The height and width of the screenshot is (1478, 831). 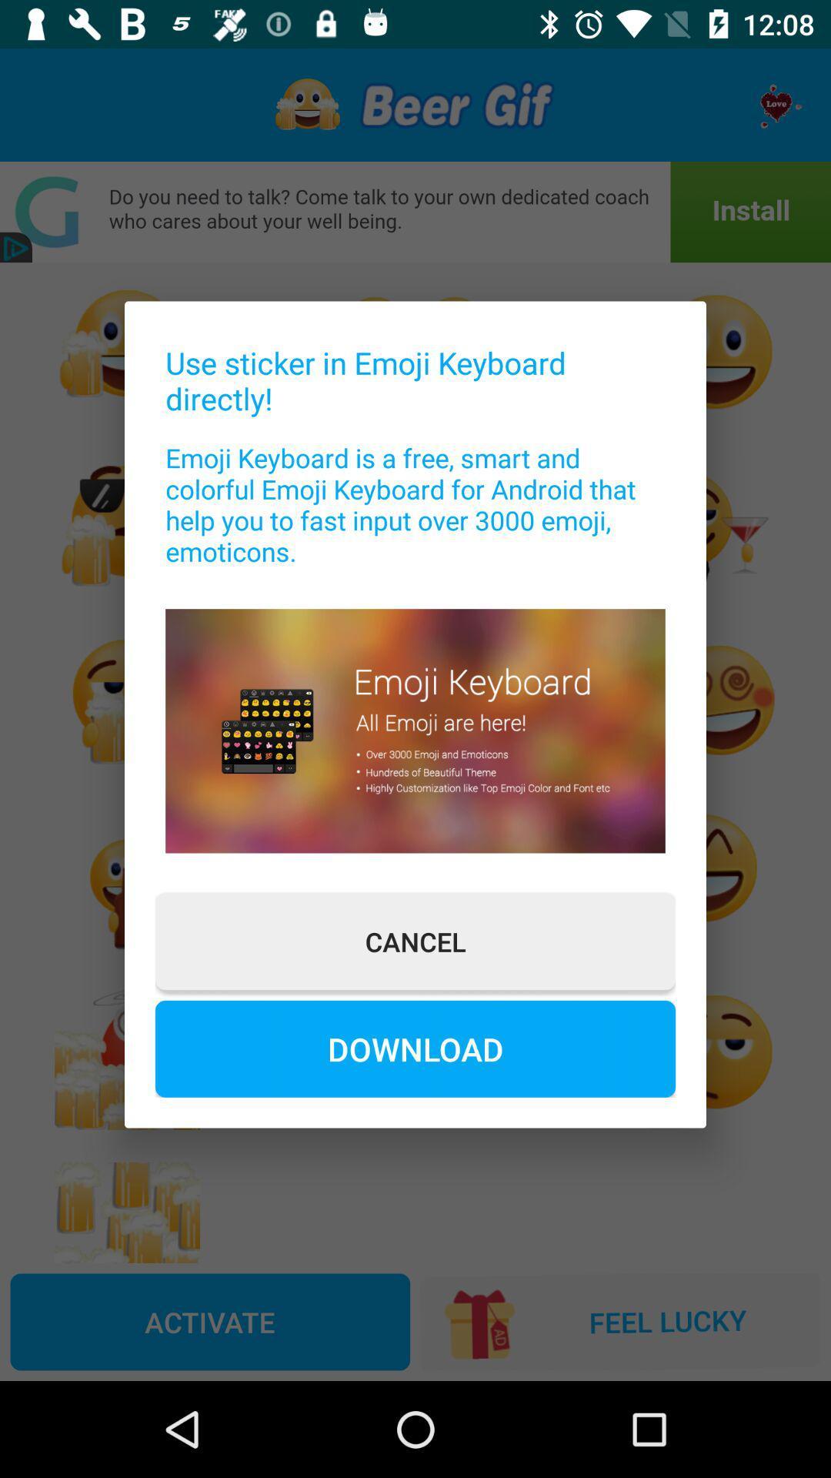 I want to click on the cancel icon, so click(x=415, y=941).